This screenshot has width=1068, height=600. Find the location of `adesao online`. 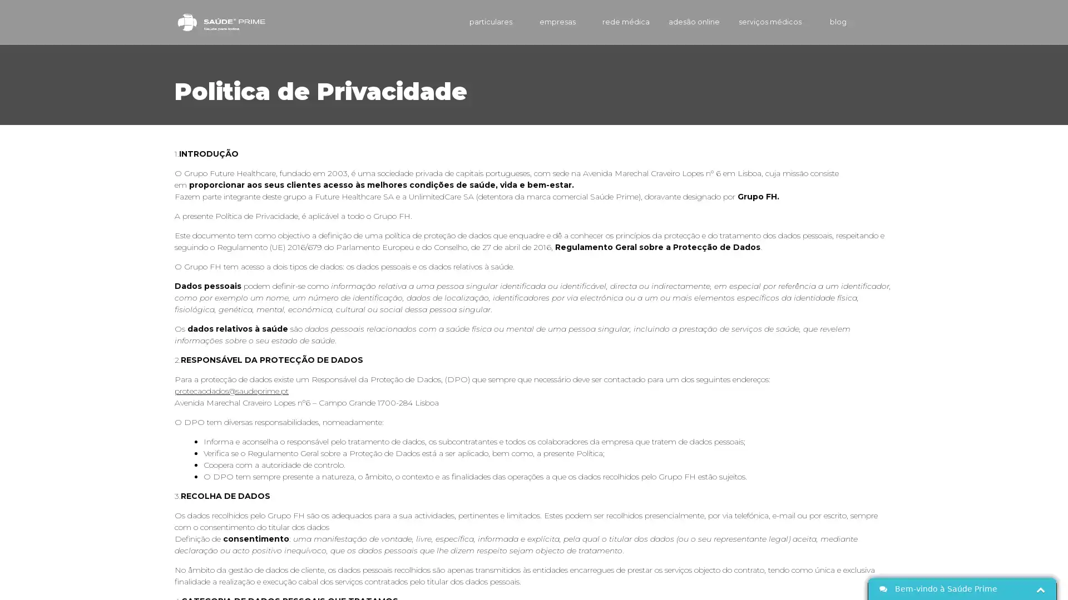

adesao online is located at coordinates (680, 22).